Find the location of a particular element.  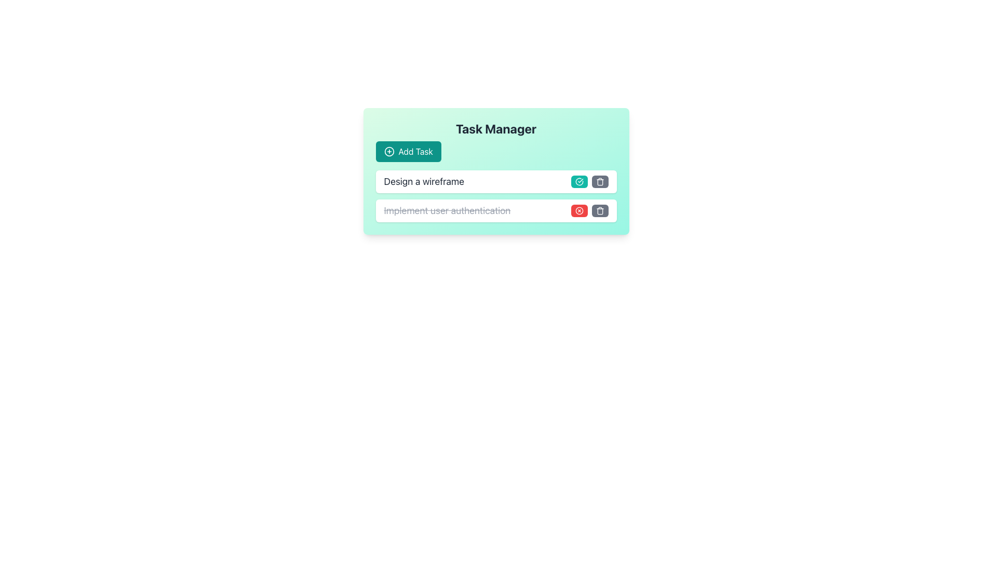

the circular icon with a plus symbol, part of the 'Add Task' button is located at coordinates (388, 152).